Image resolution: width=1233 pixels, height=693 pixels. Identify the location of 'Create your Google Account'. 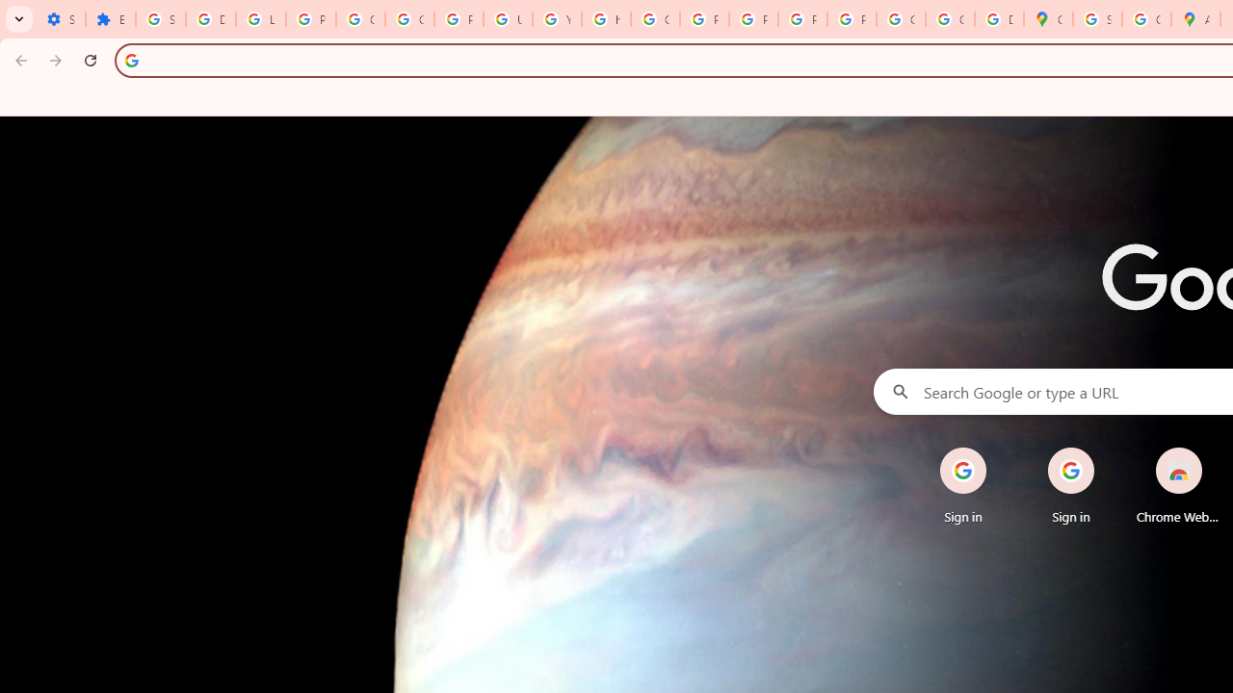
(1146, 19).